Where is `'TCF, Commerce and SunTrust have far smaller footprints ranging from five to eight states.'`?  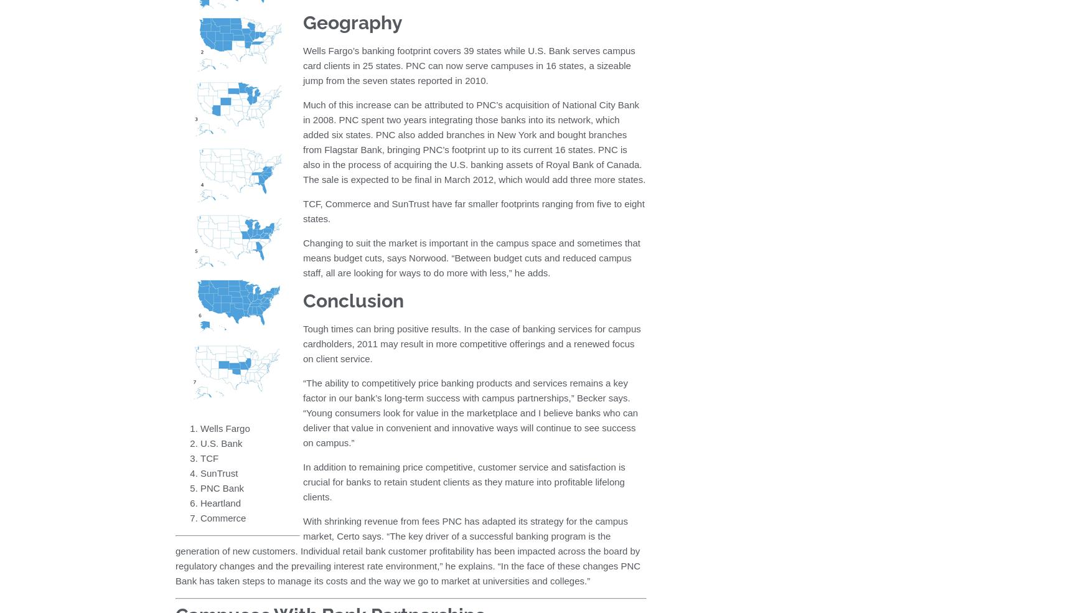
'TCF, Commerce and SunTrust have far smaller footprints ranging from five to eight states.' is located at coordinates (473, 211).